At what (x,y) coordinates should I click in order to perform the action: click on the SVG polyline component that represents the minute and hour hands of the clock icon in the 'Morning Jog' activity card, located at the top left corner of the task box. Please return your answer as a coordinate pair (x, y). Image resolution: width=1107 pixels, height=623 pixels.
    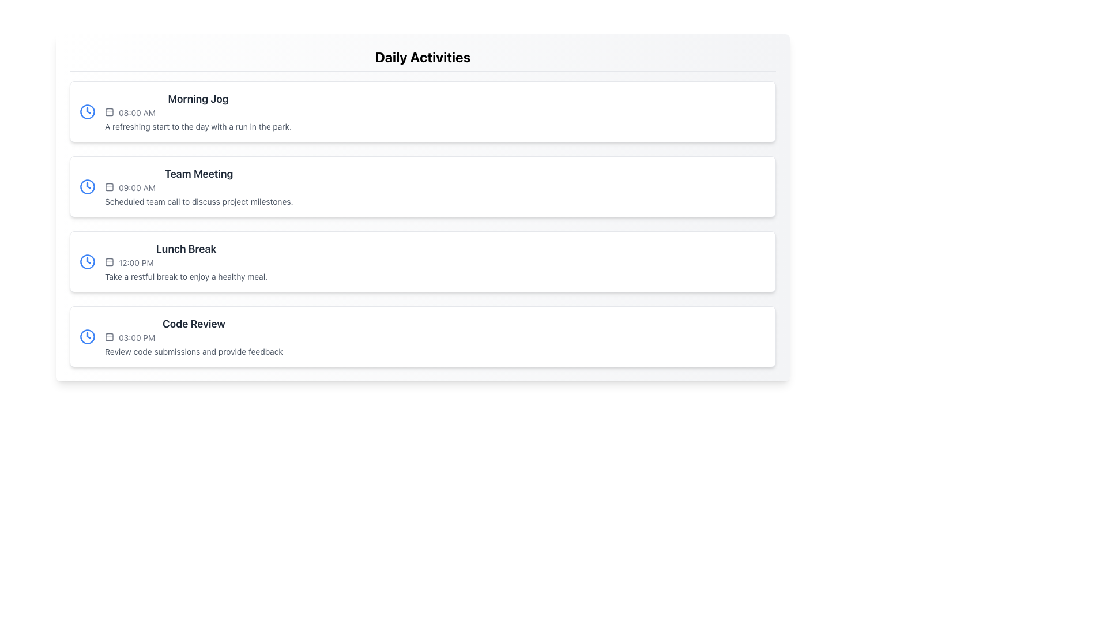
    Looking at the image, I should click on (88, 110).